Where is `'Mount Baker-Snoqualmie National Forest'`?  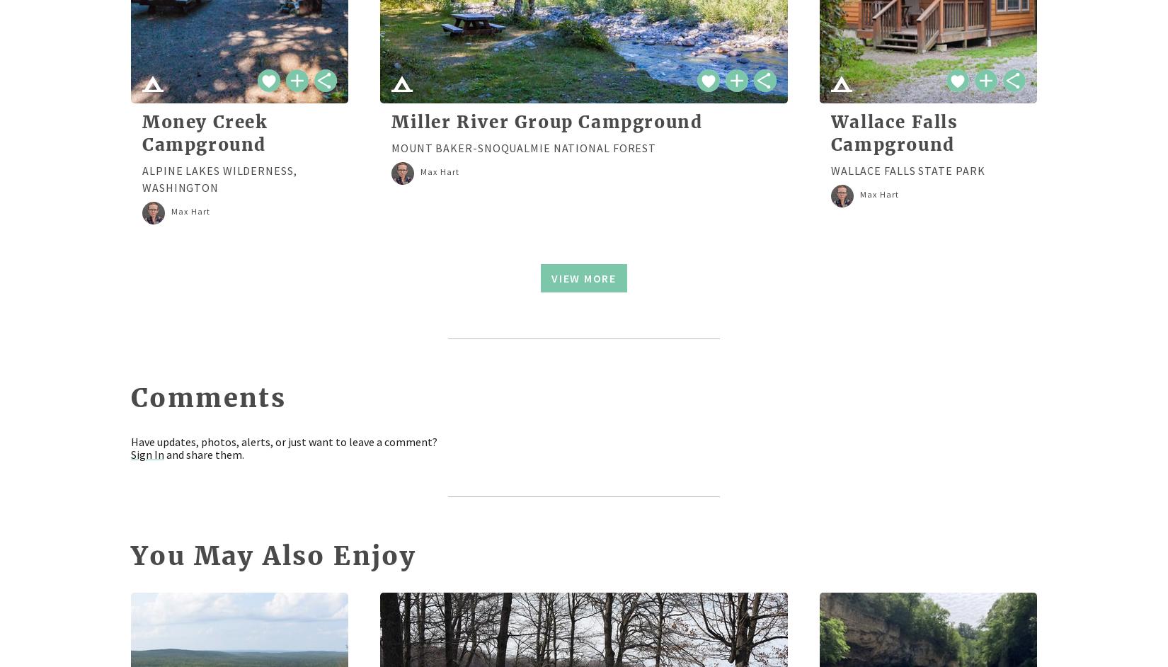 'Mount Baker-Snoqualmie National Forest' is located at coordinates (523, 147).